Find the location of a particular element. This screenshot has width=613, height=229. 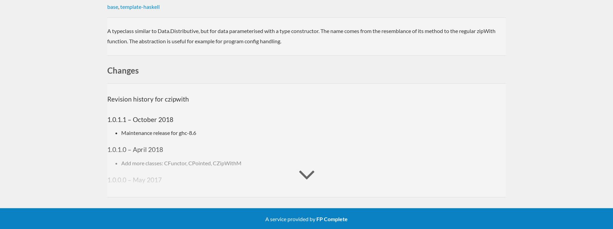

'1.0.1.0  – April 2018' is located at coordinates (135, 149).